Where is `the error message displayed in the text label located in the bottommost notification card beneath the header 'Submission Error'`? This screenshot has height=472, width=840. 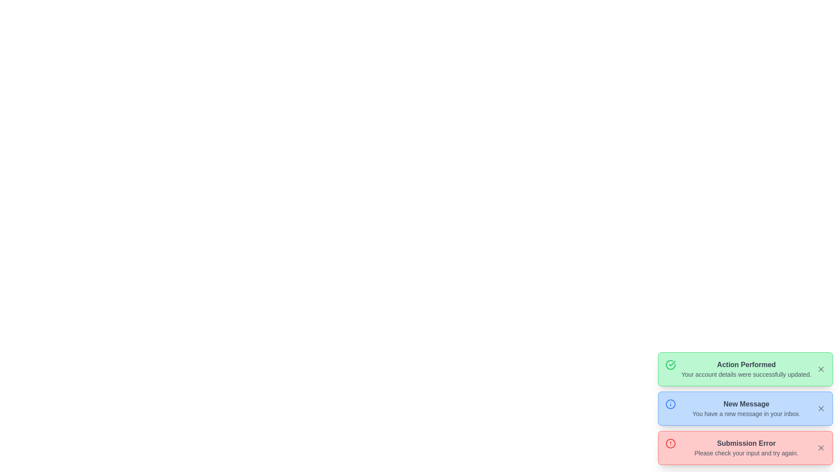
the error message displayed in the text label located in the bottommost notification card beneath the header 'Submission Error' is located at coordinates (746, 453).